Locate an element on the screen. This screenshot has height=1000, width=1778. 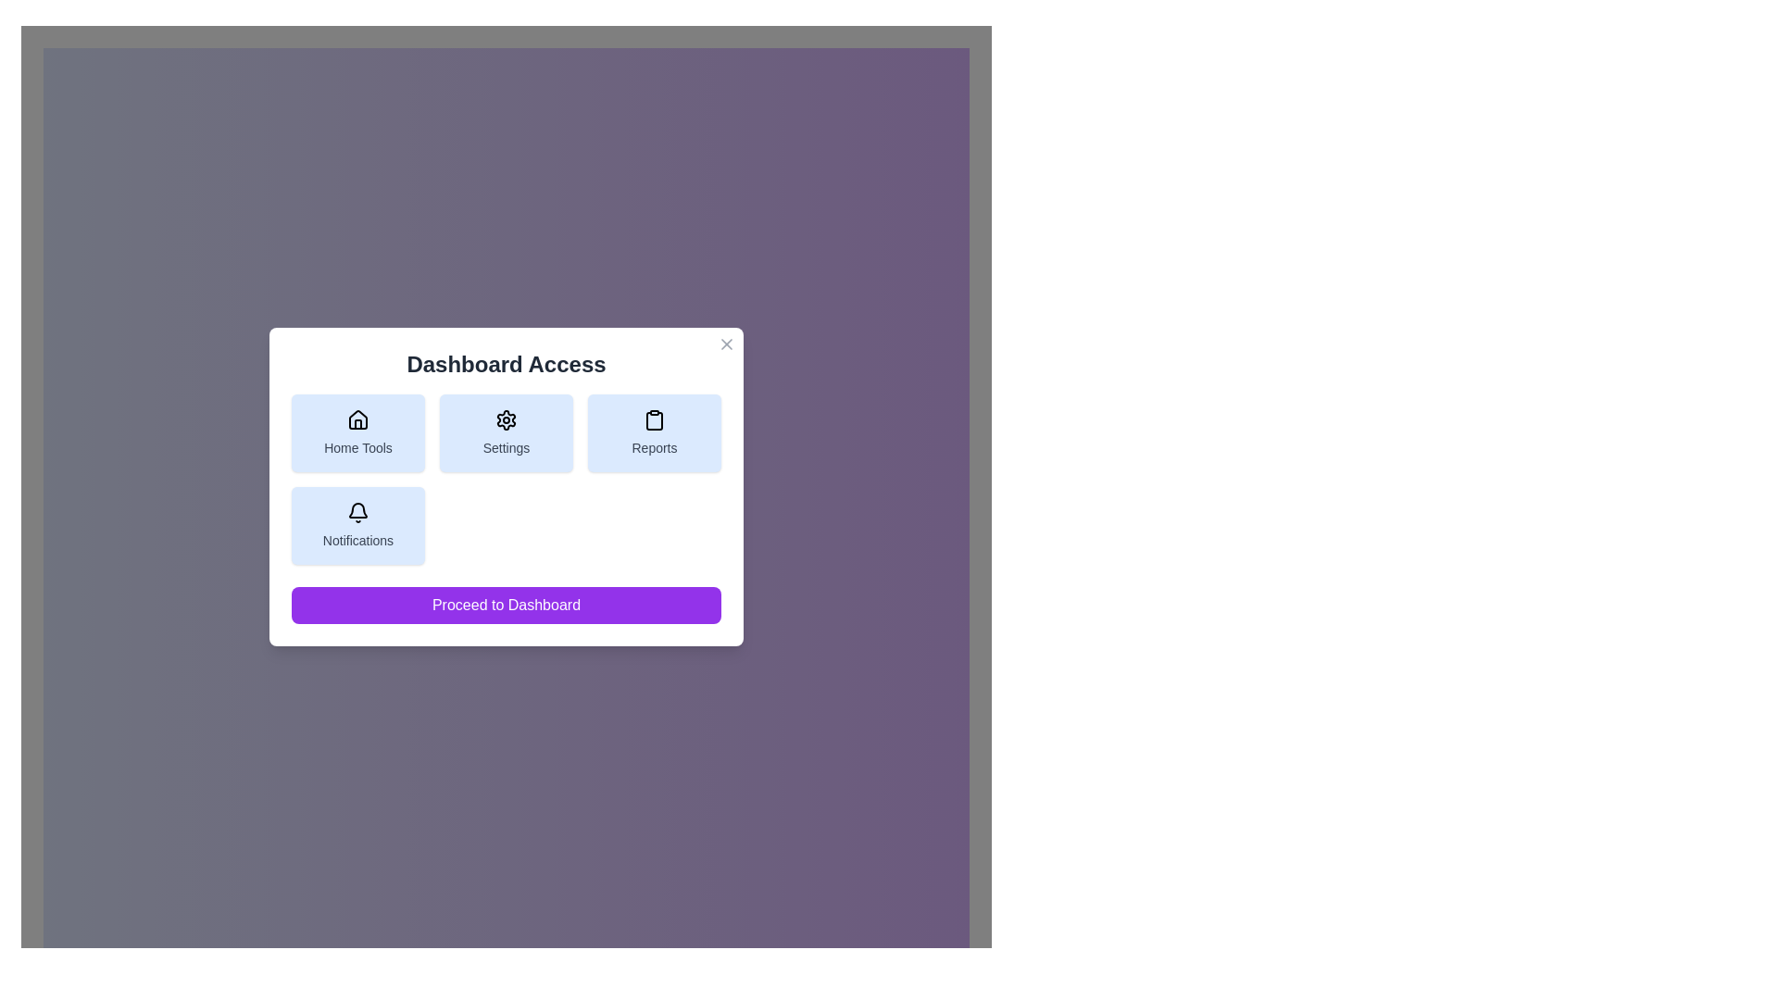
text label 'Home Tools' located beneath the house-shaped icon in the first button of the top row is located at coordinates (358, 447).